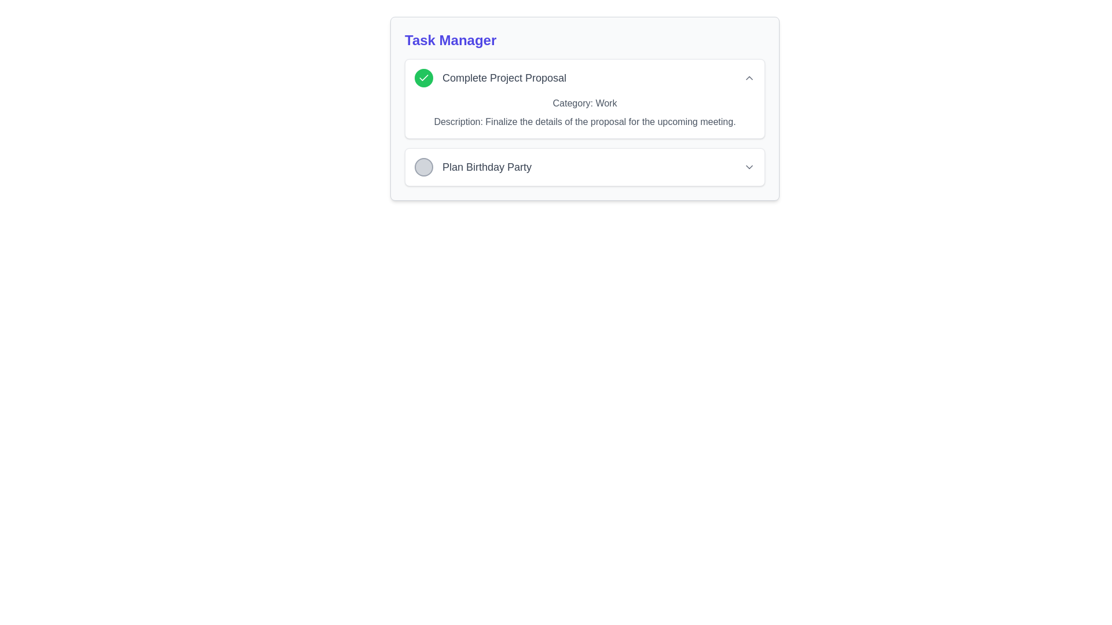 This screenshot has width=1112, height=625. What do you see at coordinates (490, 78) in the screenshot?
I see `the task labeled 'Complete Project Proposal' with a green checkmark icon` at bounding box center [490, 78].